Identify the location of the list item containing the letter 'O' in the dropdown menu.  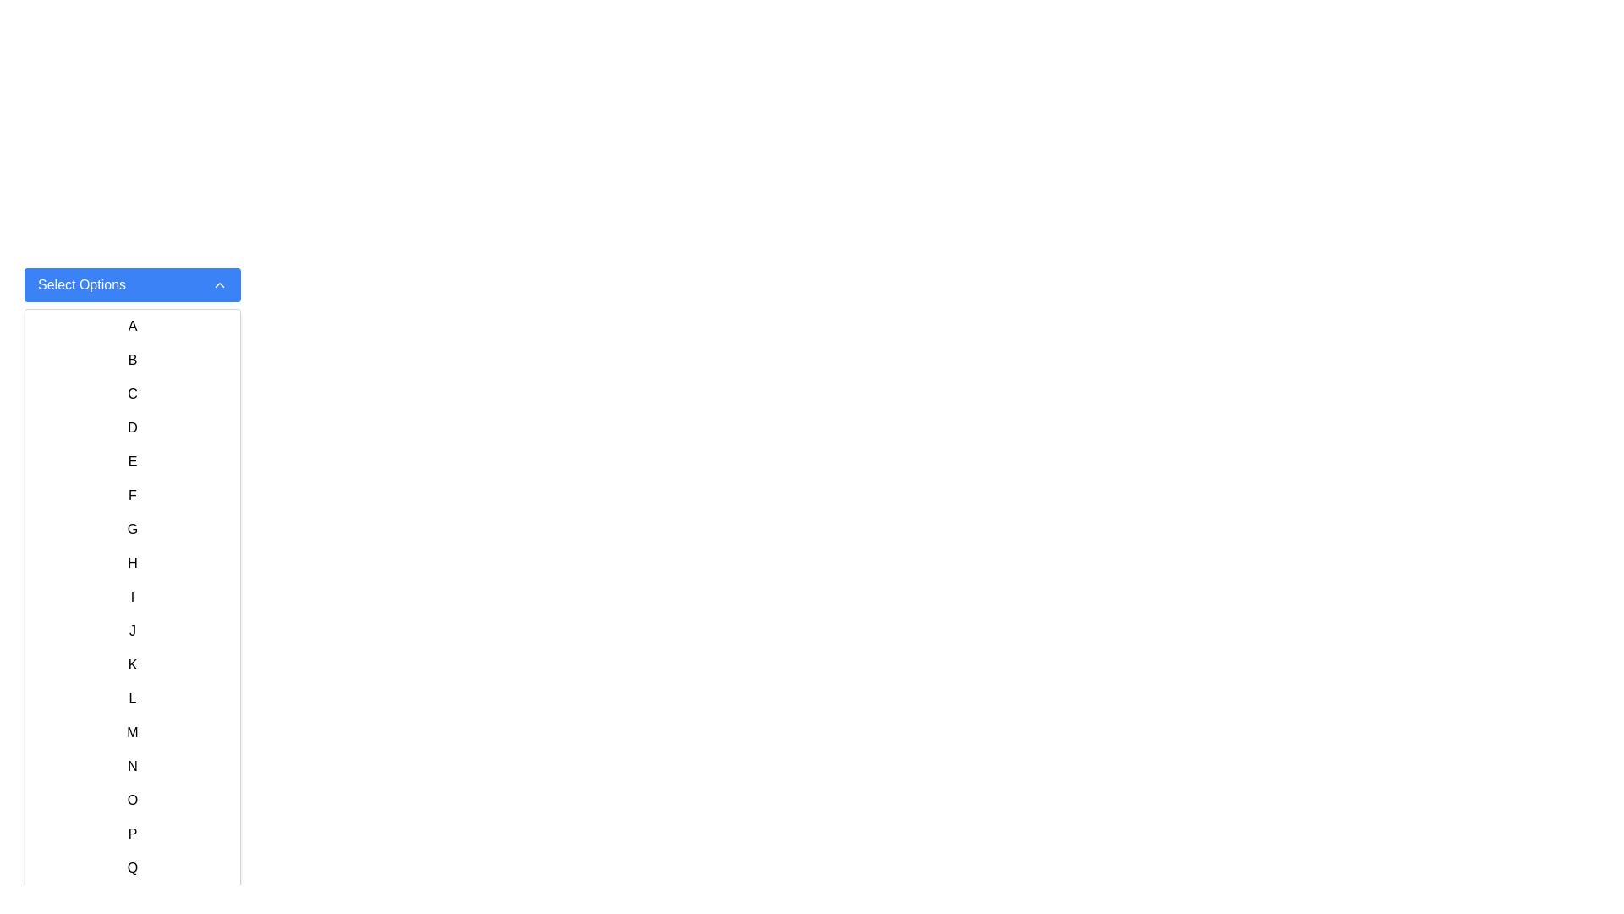
(132, 800).